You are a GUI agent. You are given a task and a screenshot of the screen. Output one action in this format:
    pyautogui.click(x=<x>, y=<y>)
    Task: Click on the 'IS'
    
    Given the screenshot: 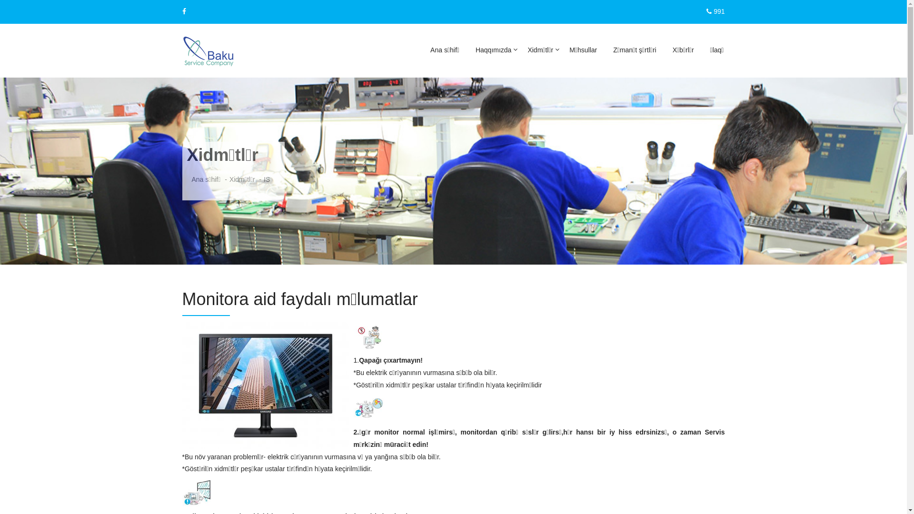 What is the action you would take?
    pyautogui.click(x=267, y=180)
    